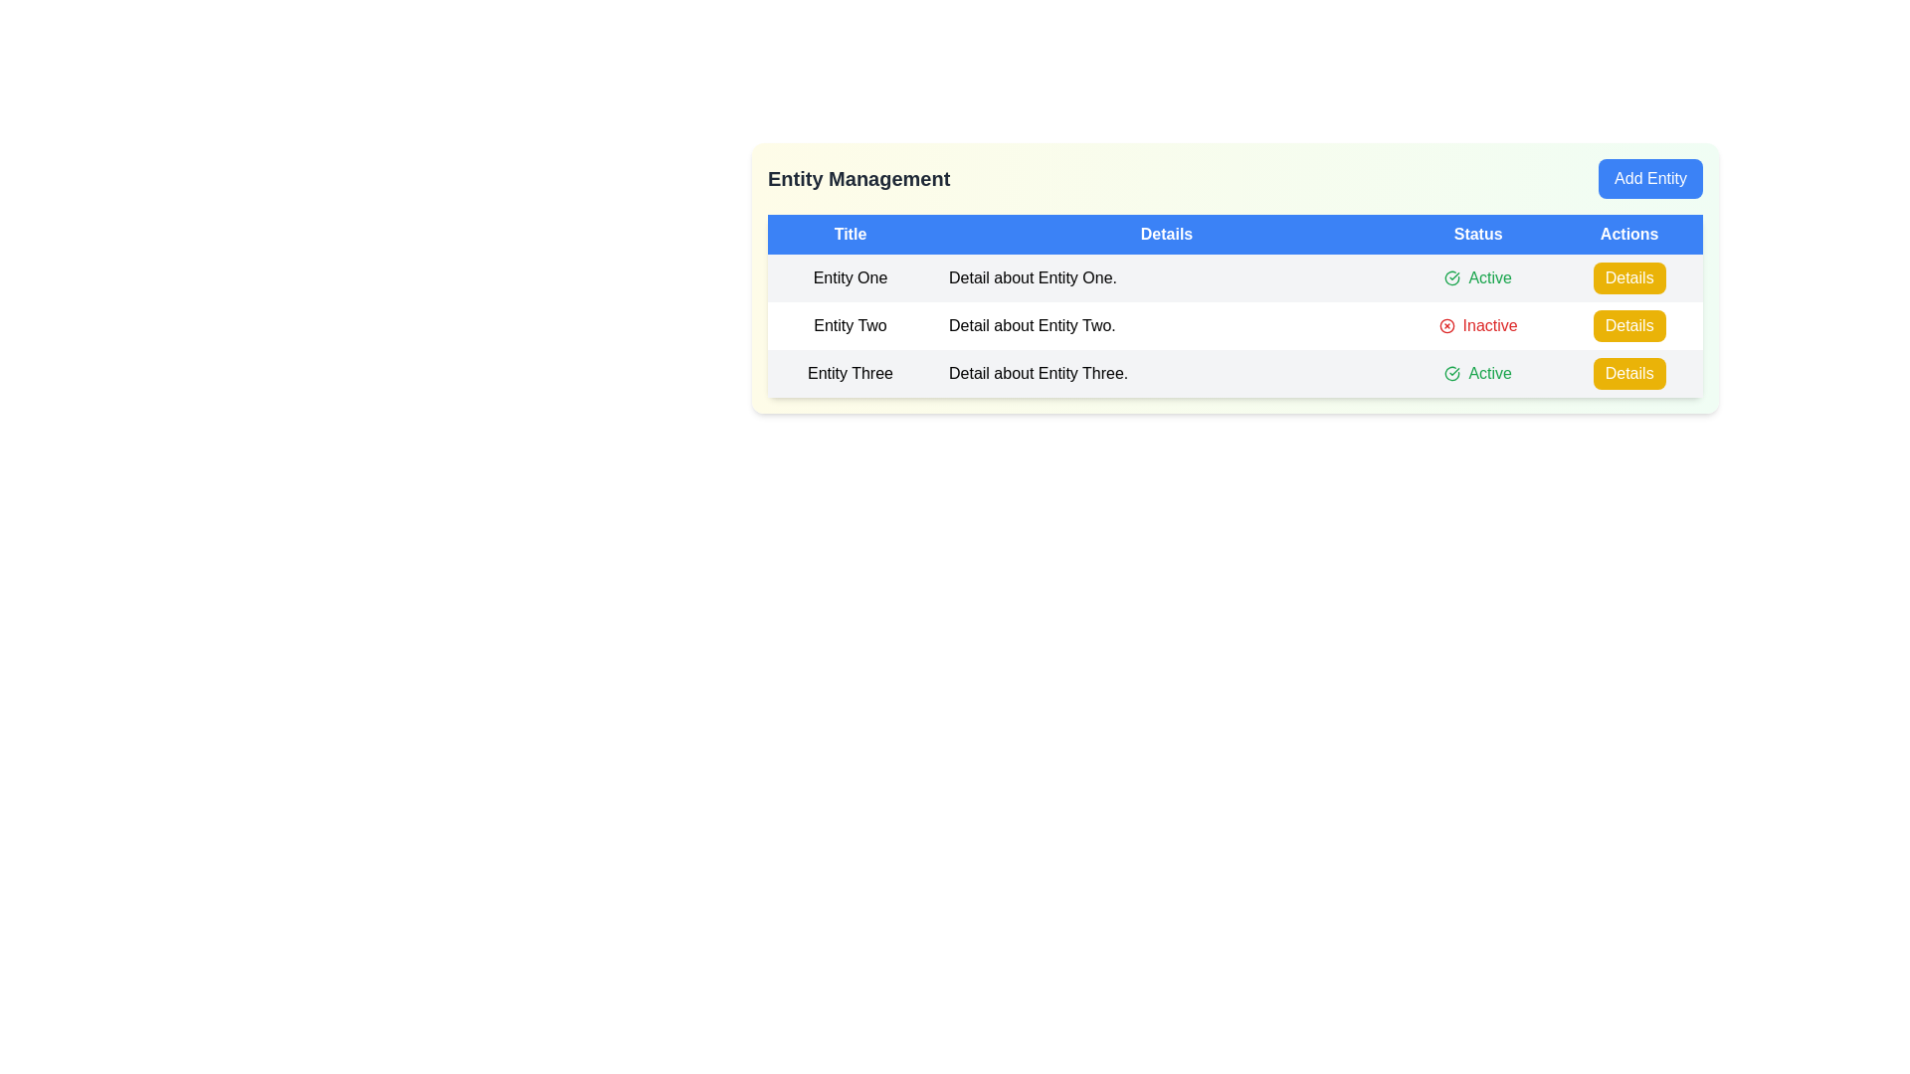 The image size is (1910, 1074). Describe the element at coordinates (1478, 373) in the screenshot. I see `the Status indicator in the third row under the 'Status' column` at that location.